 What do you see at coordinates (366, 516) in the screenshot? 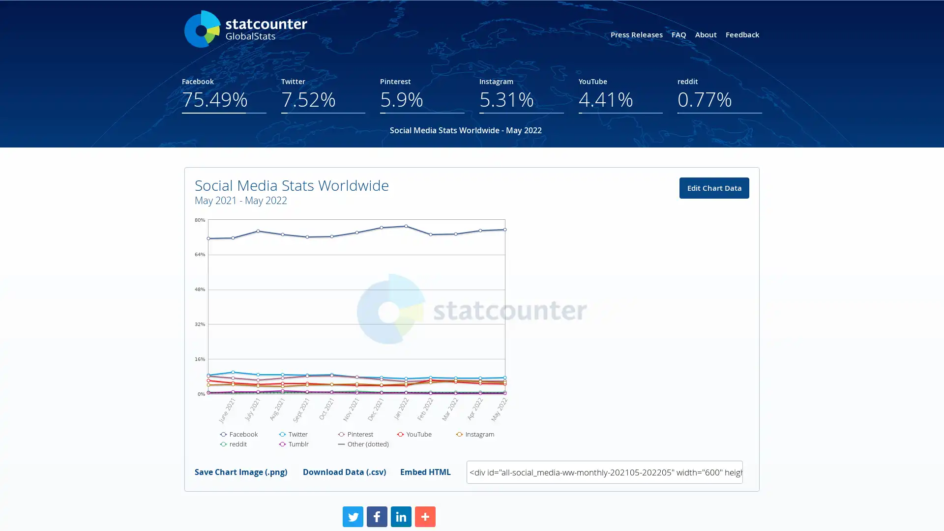
I see `Share to Twitter Twitter` at bounding box center [366, 516].